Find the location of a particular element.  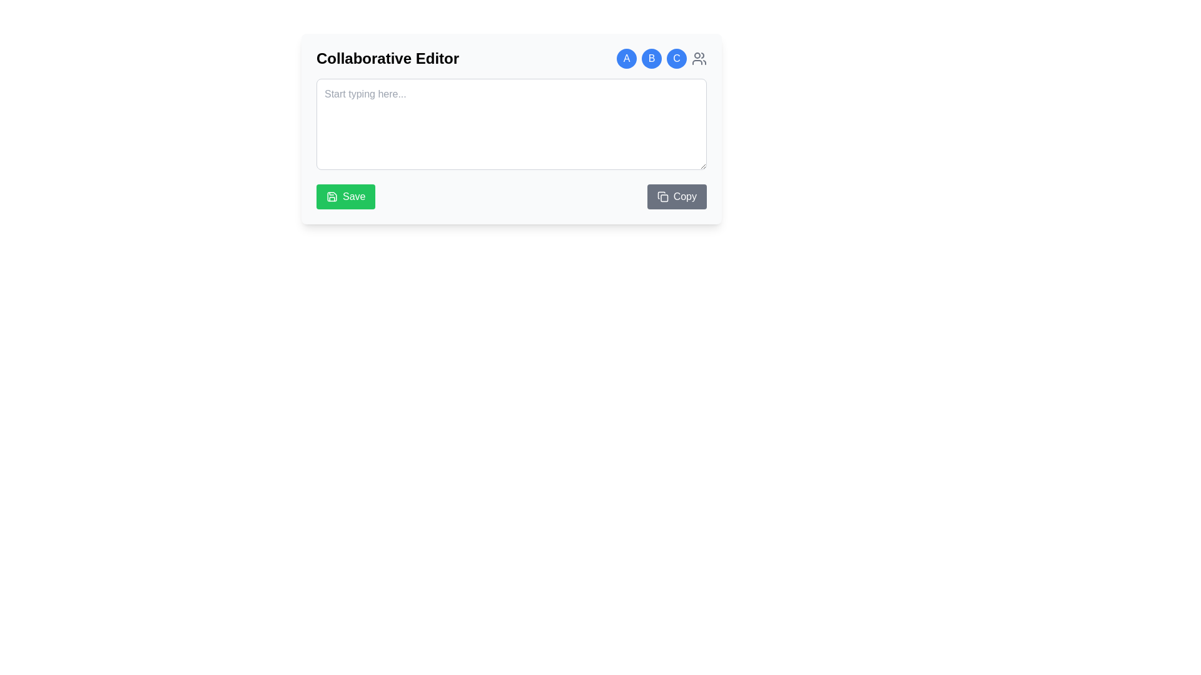

the circular avatar button labeled 'A' located at the top left among three buttons is located at coordinates (627, 58).